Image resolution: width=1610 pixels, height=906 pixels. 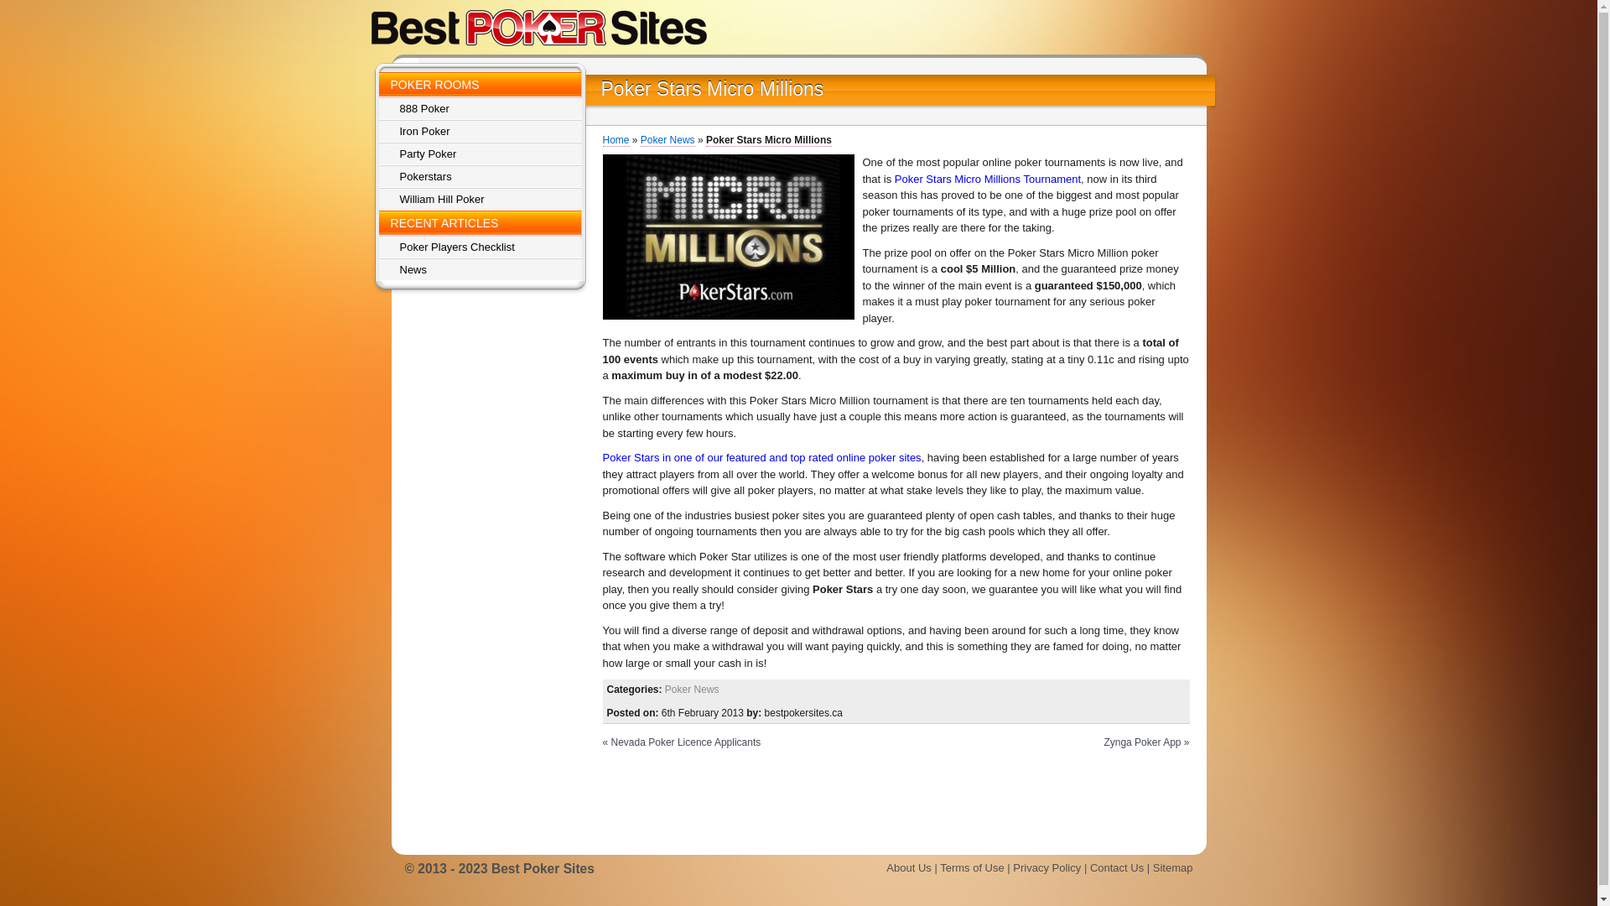 I want to click on 'Poker Stars Micro Millions Tournament', so click(x=987, y=179).